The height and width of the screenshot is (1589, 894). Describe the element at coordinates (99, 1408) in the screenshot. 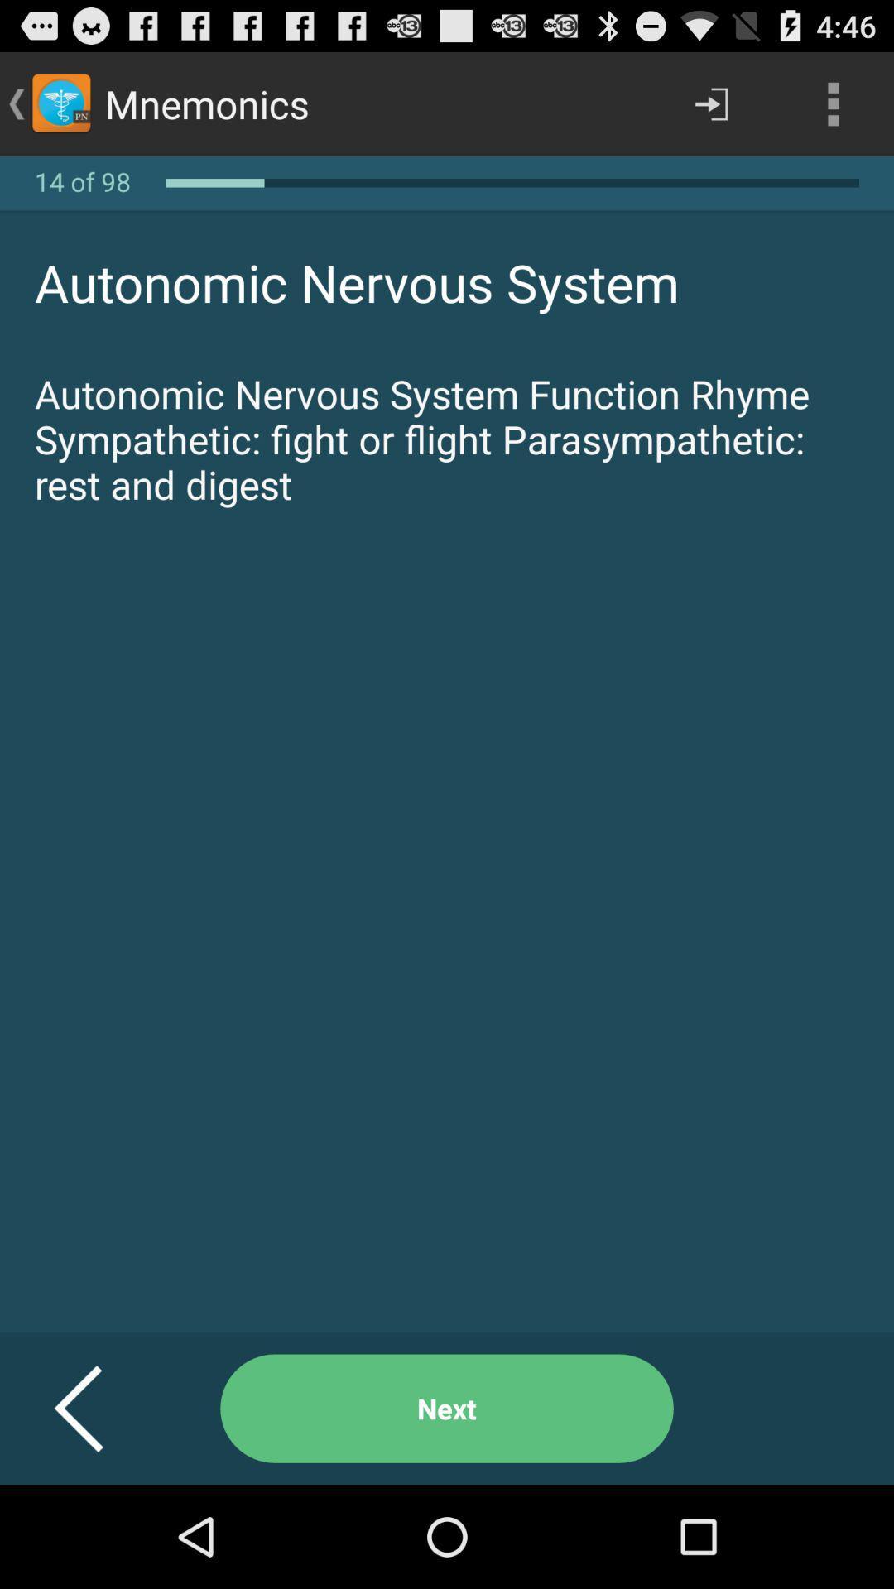

I see `item next to next icon` at that location.